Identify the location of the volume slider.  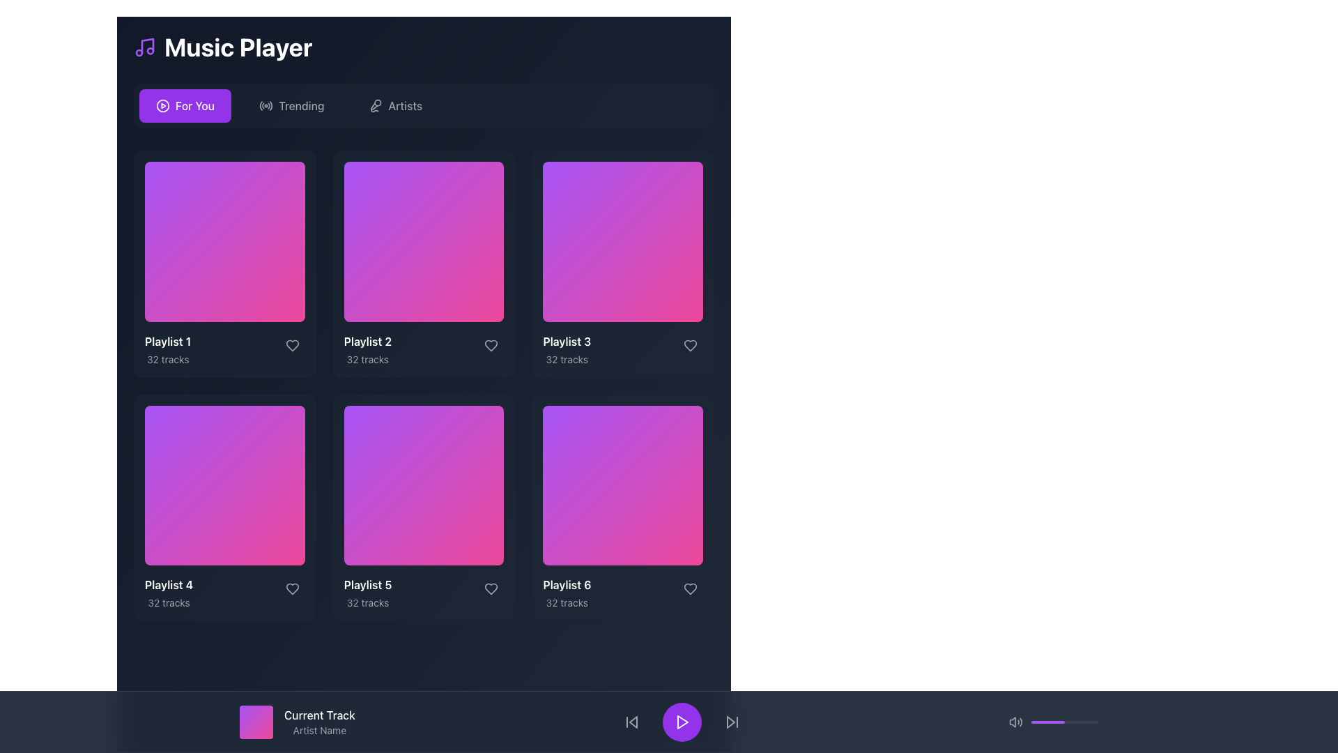
(1071, 722).